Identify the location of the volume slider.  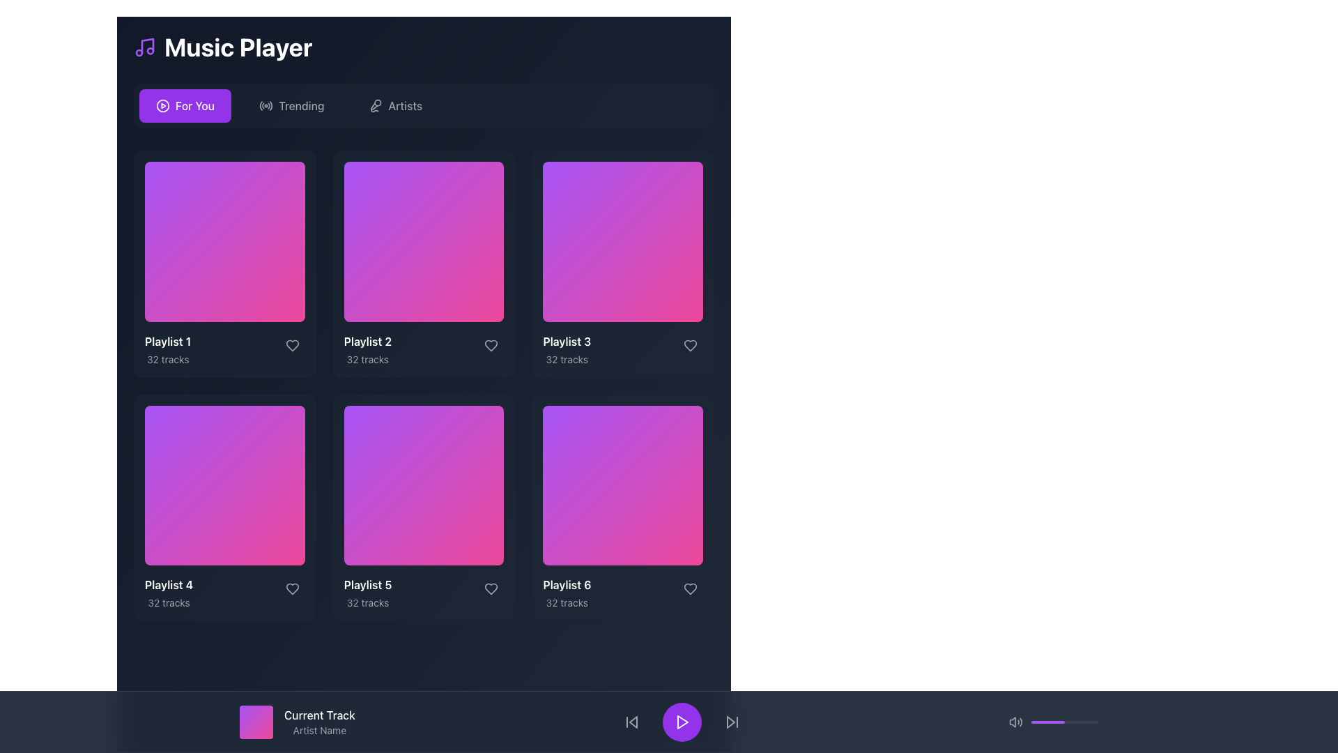
(1071, 722).